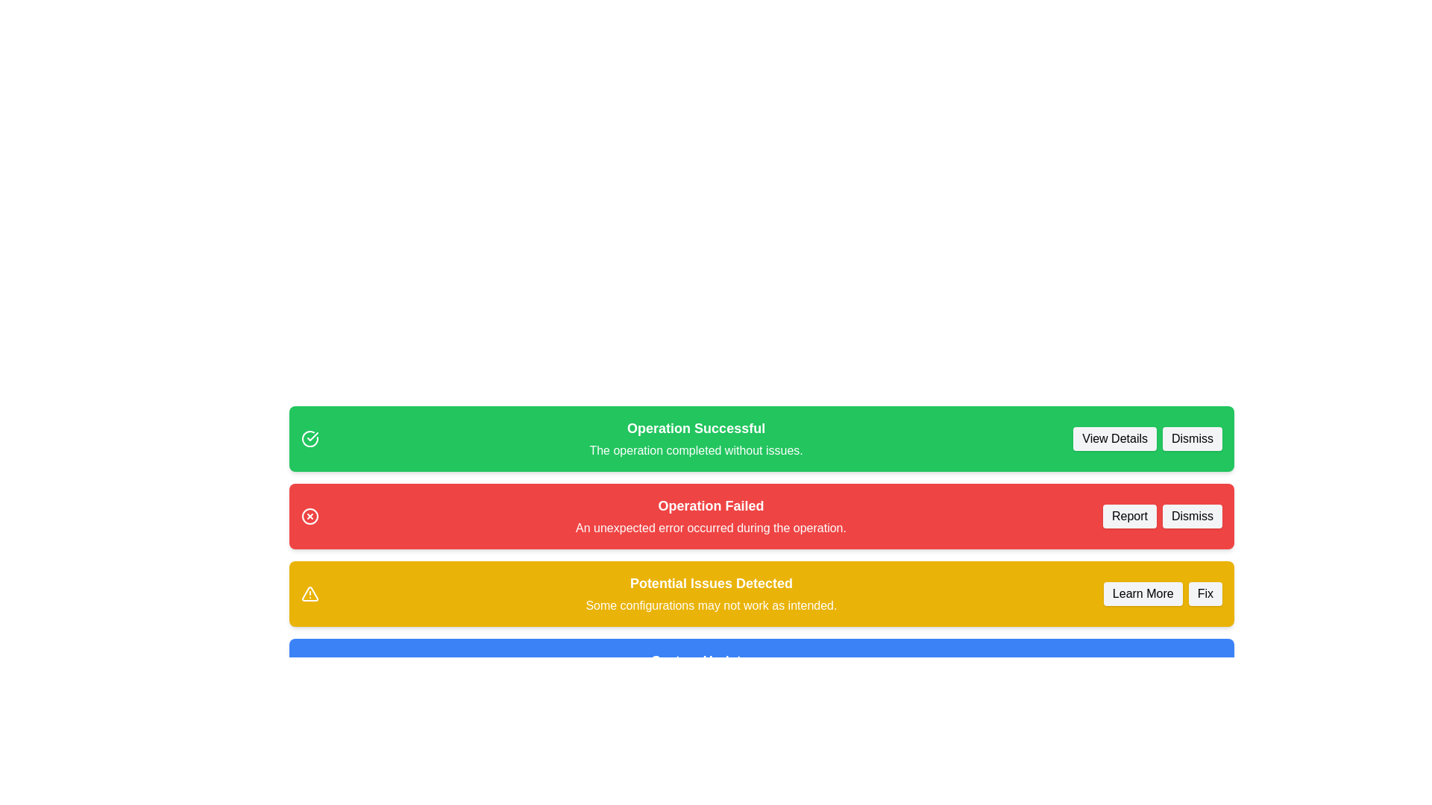 This screenshot has height=805, width=1432. I want to click on the success icon located at the top left of the green notification panel, which indicates a successful operation, if it is interactive, so click(312, 436).